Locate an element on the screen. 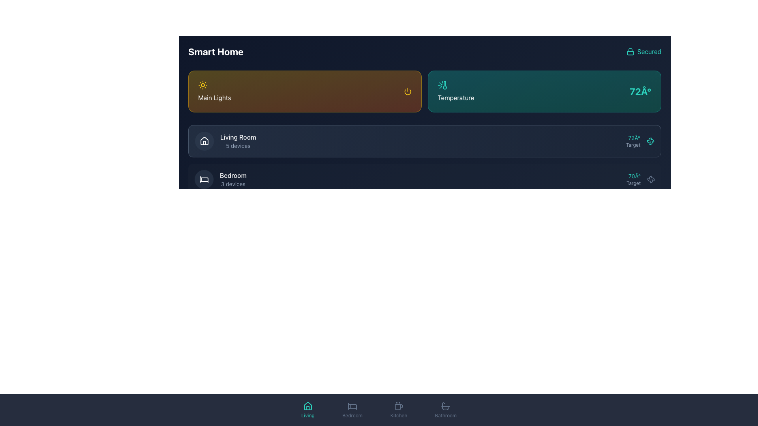  the 'Target' label, which is a small piece of light gray text located below '72°' in the bottom-right region of the central dashboard is located at coordinates (633, 145).